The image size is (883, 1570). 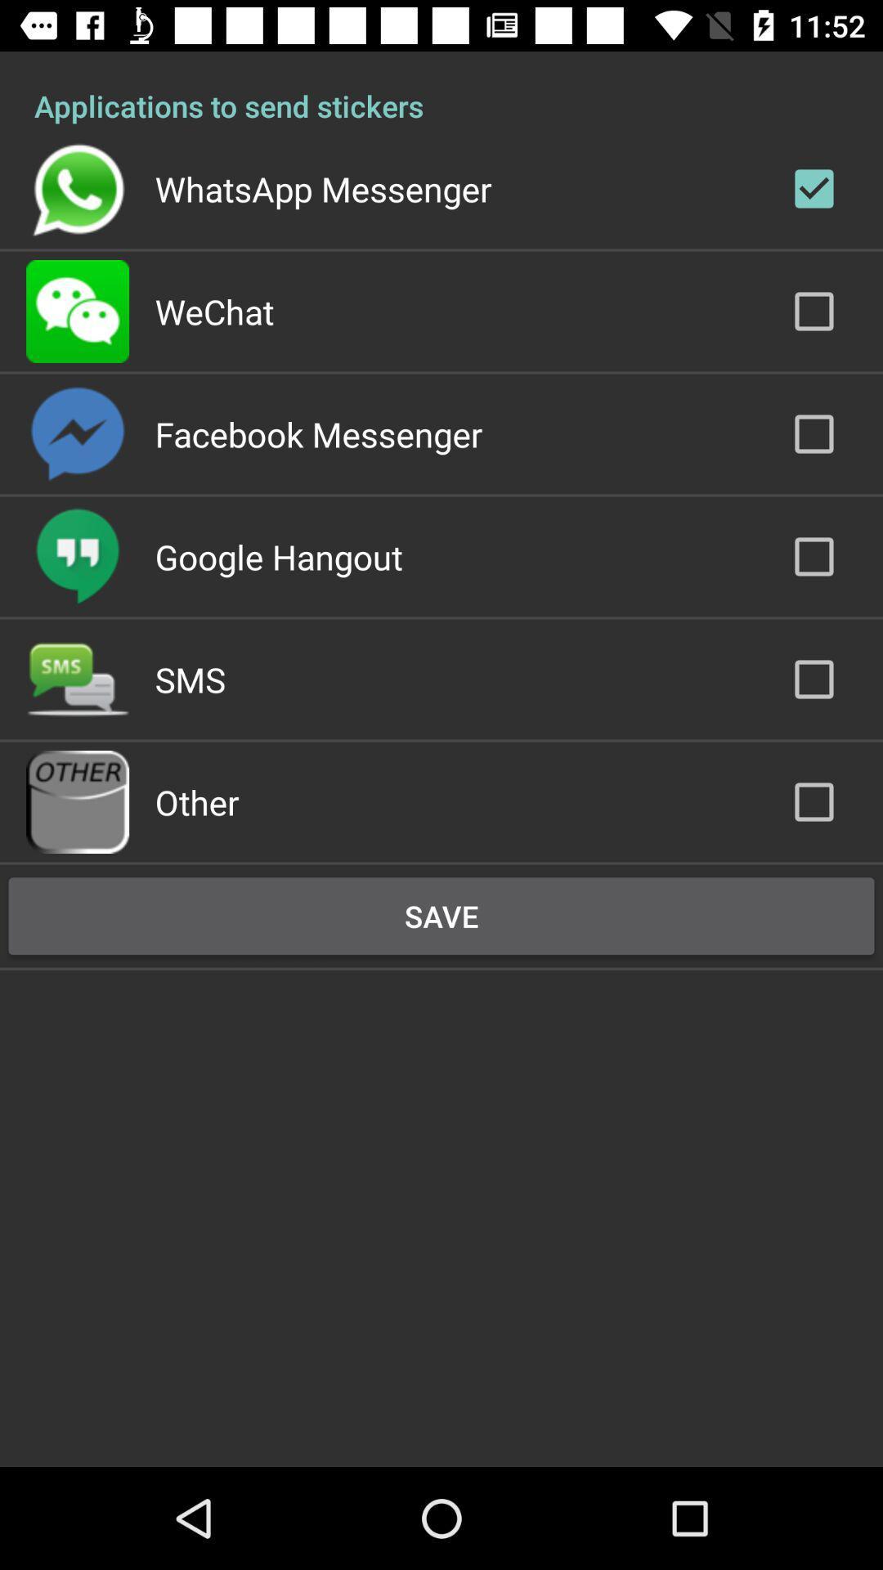 I want to click on applications to send icon, so click(x=441, y=87).